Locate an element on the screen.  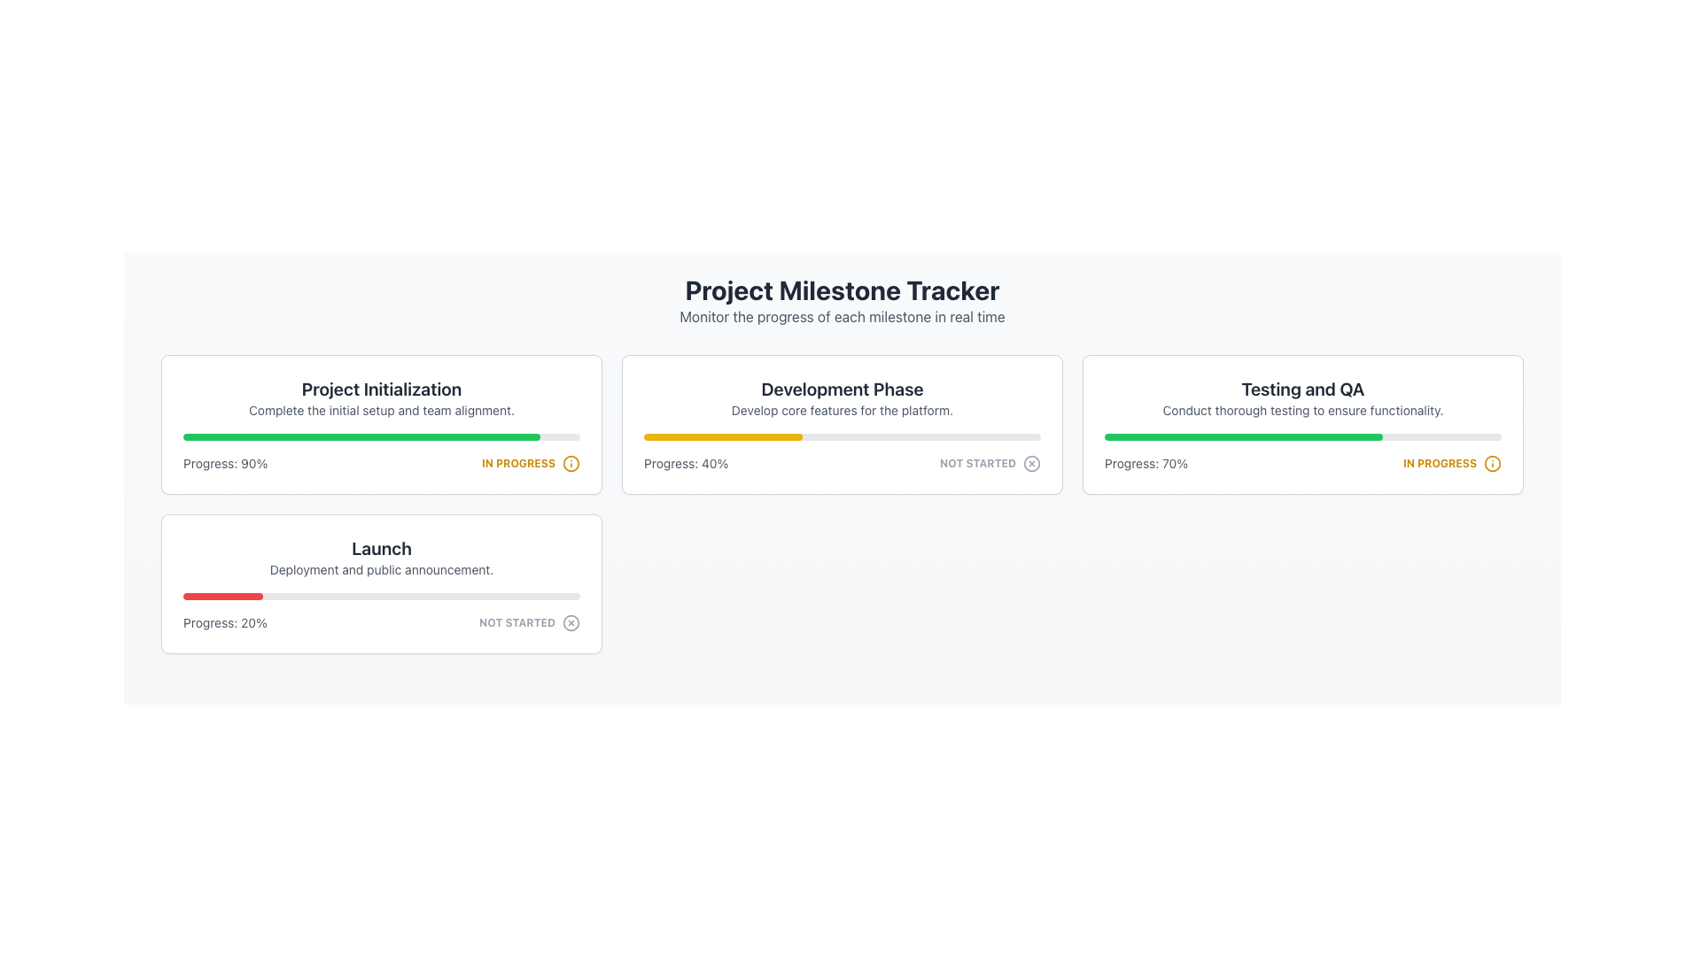
text content that includes the title 'Development Phase' and the description 'Develop core features for the platform.' located at the center of the milestone card above the progress bar is located at coordinates (841, 398).